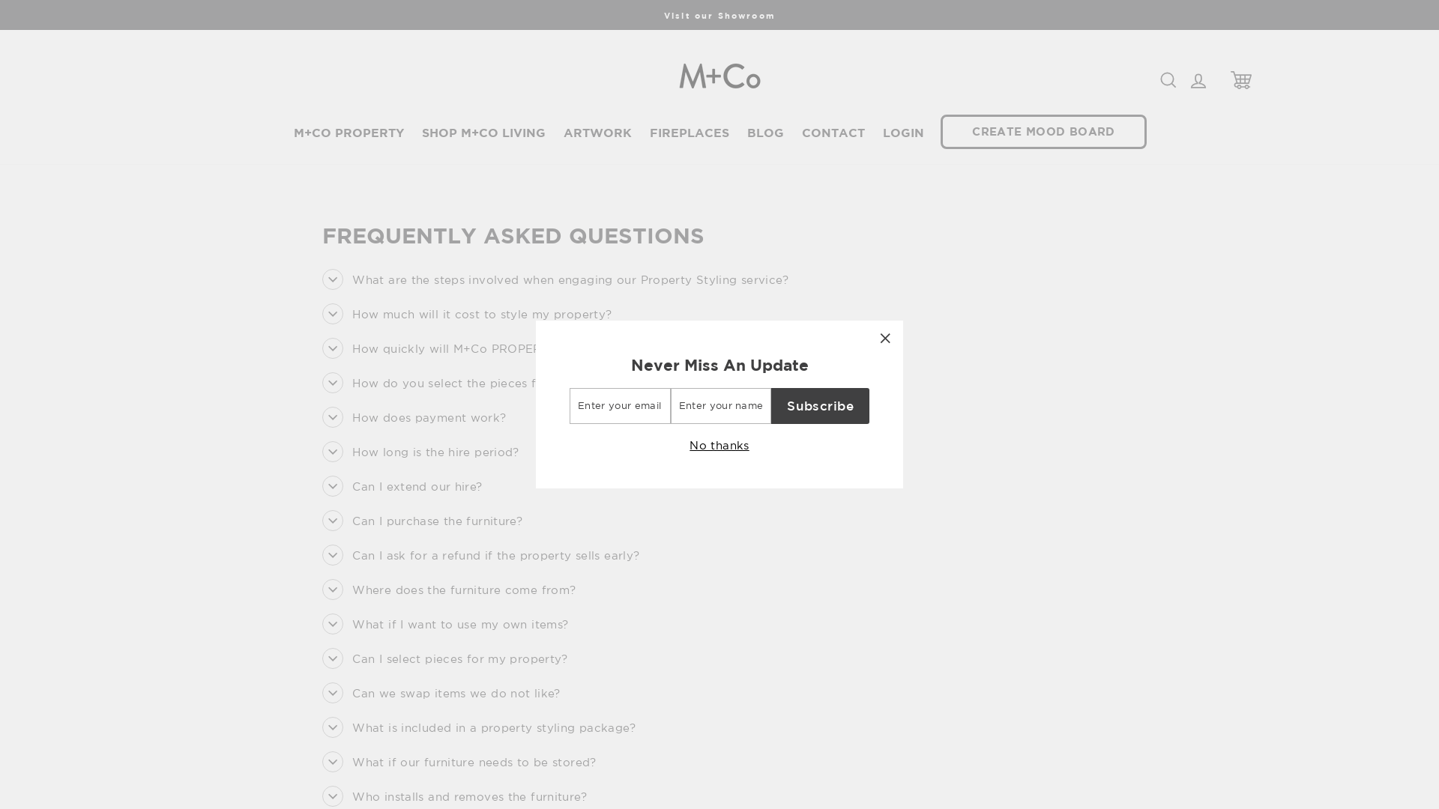 This screenshot has height=809, width=1439. I want to click on 'ARTWORK', so click(597, 132).